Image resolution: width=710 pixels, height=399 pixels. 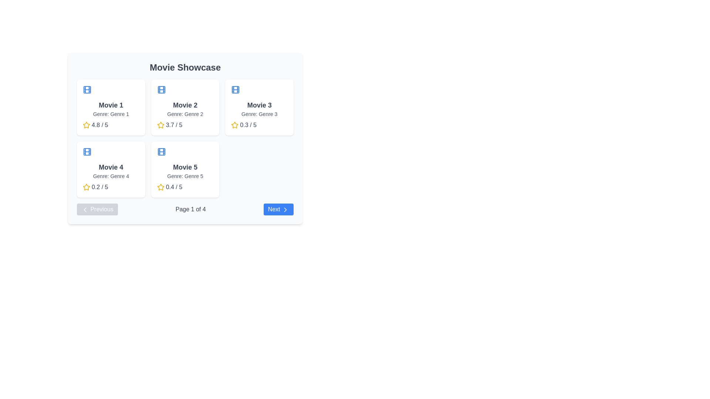 I want to click on on the text element displaying 'Movie 4', which is styled in a large bold gray font and located in the second row, first column of the movie cards layout, so click(x=111, y=167).